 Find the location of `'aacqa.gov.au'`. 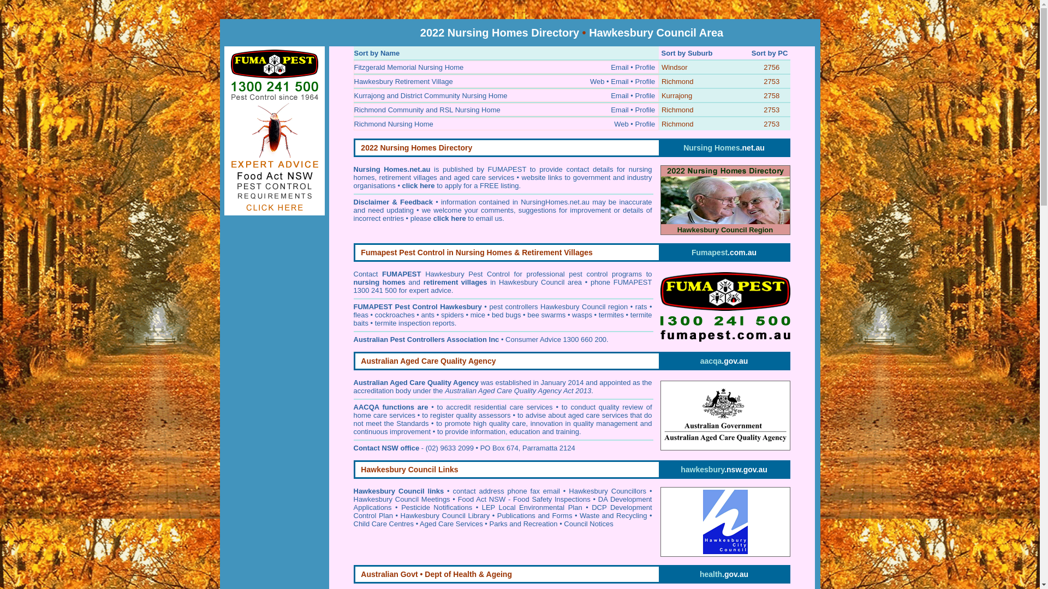

'aacqa.gov.au' is located at coordinates (724, 361).